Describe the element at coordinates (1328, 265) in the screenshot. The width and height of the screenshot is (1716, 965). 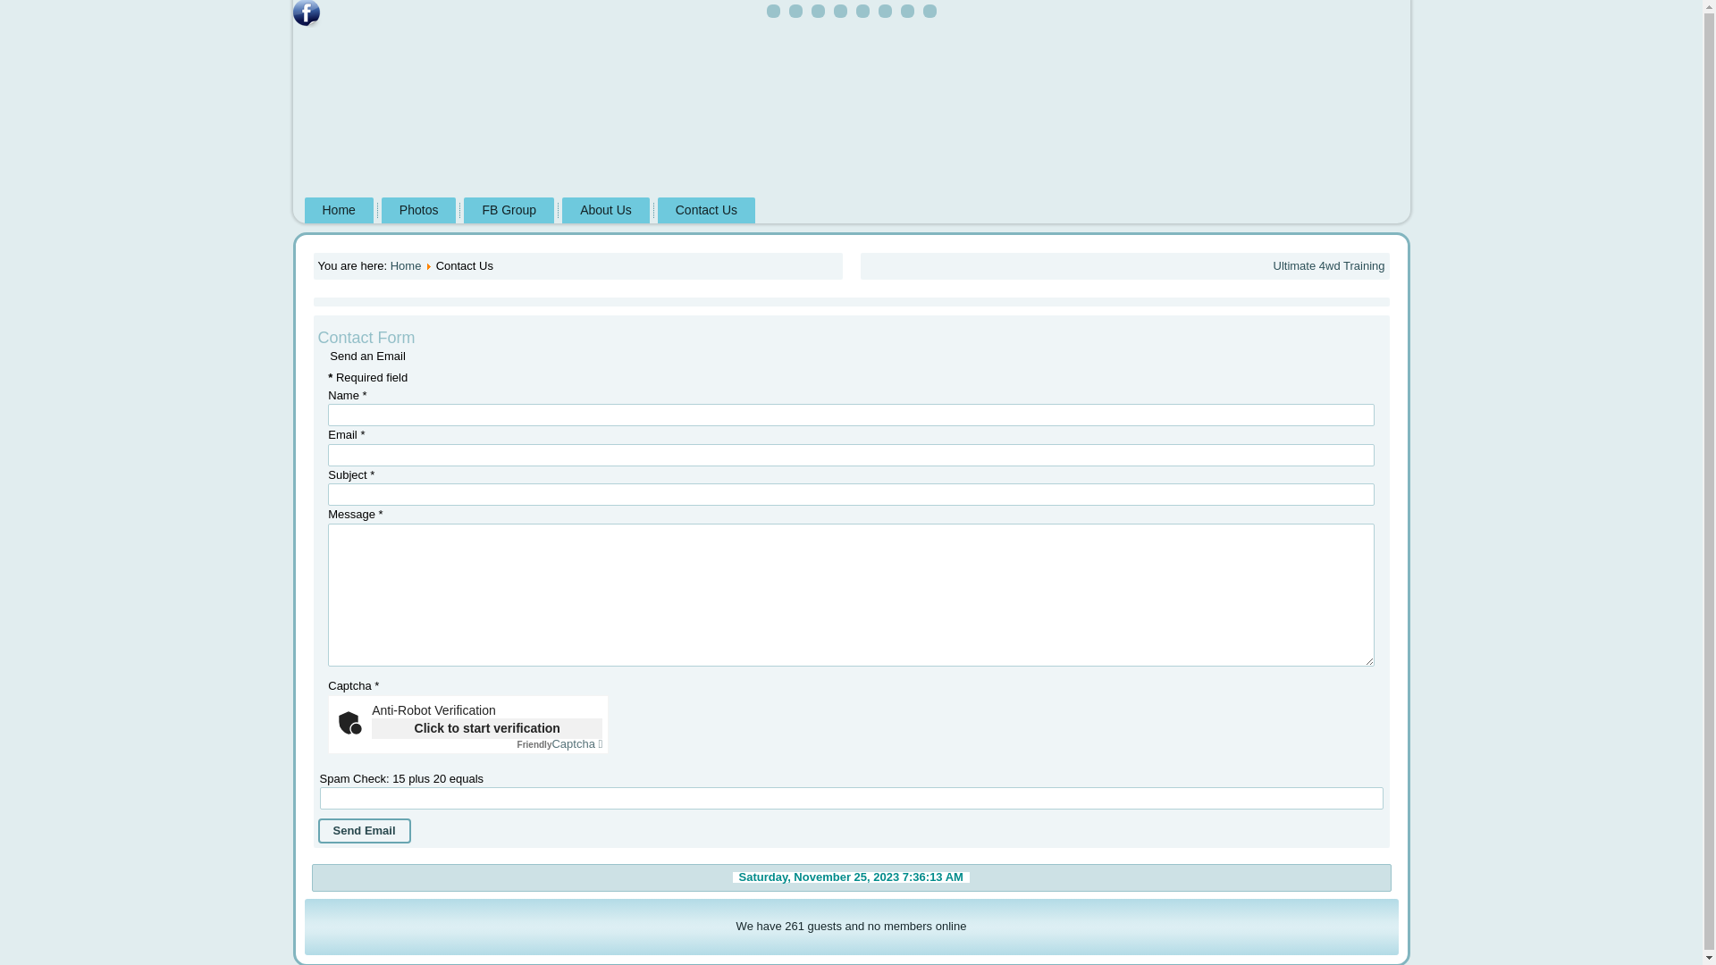
I see `'Ultimate 4wd Training'` at that location.